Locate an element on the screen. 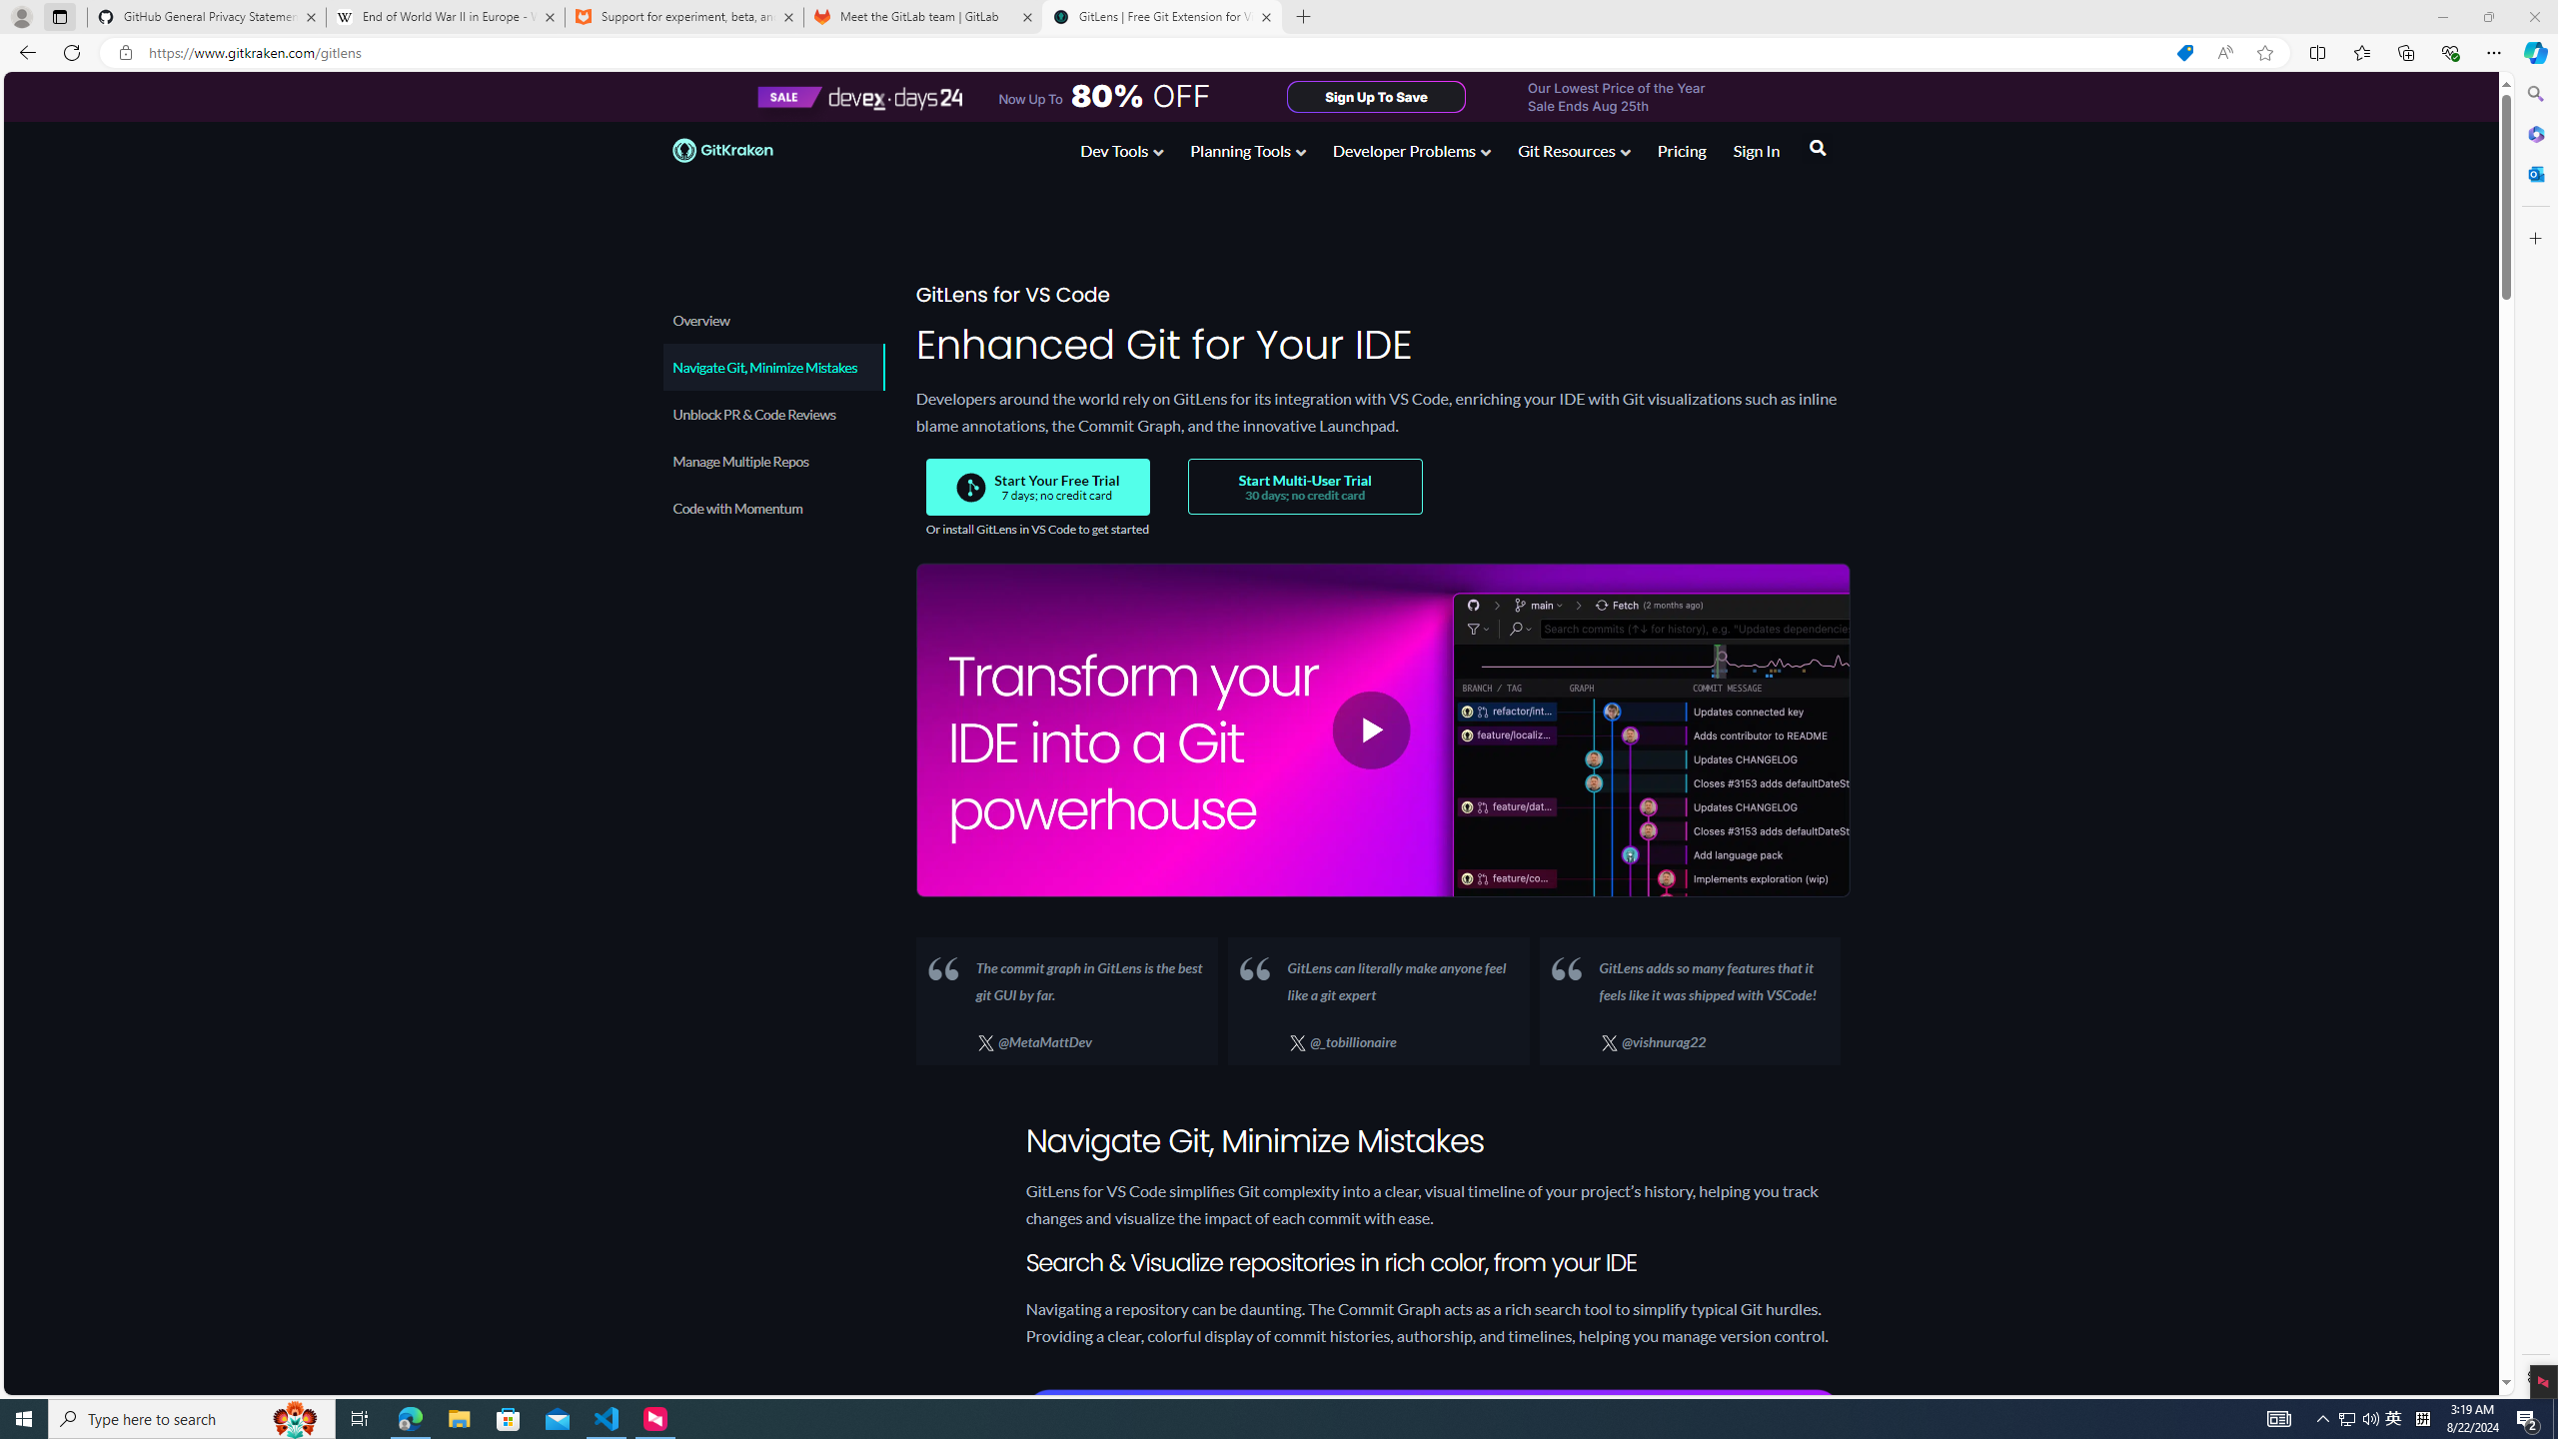 The height and width of the screenshot is (1439, 2558). 'Start Multi-User Trial 30 days; no credit card' is located at coordinates (1303, 486).